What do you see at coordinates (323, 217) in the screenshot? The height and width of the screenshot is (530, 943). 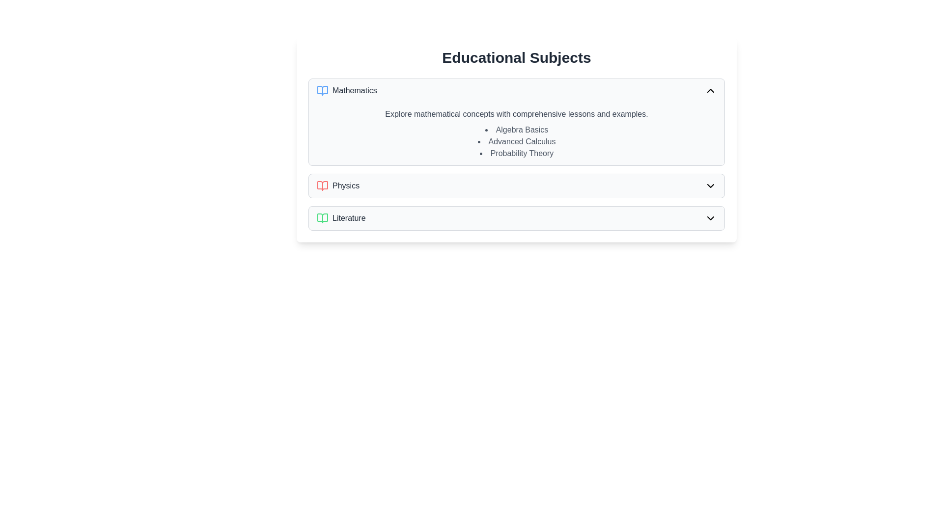 I see `the decorative vector graphic resembling a book, which is part of the 'Literature' section and matches the theme of the adjacent text 'Literature'` at bounding box center [323, 217].